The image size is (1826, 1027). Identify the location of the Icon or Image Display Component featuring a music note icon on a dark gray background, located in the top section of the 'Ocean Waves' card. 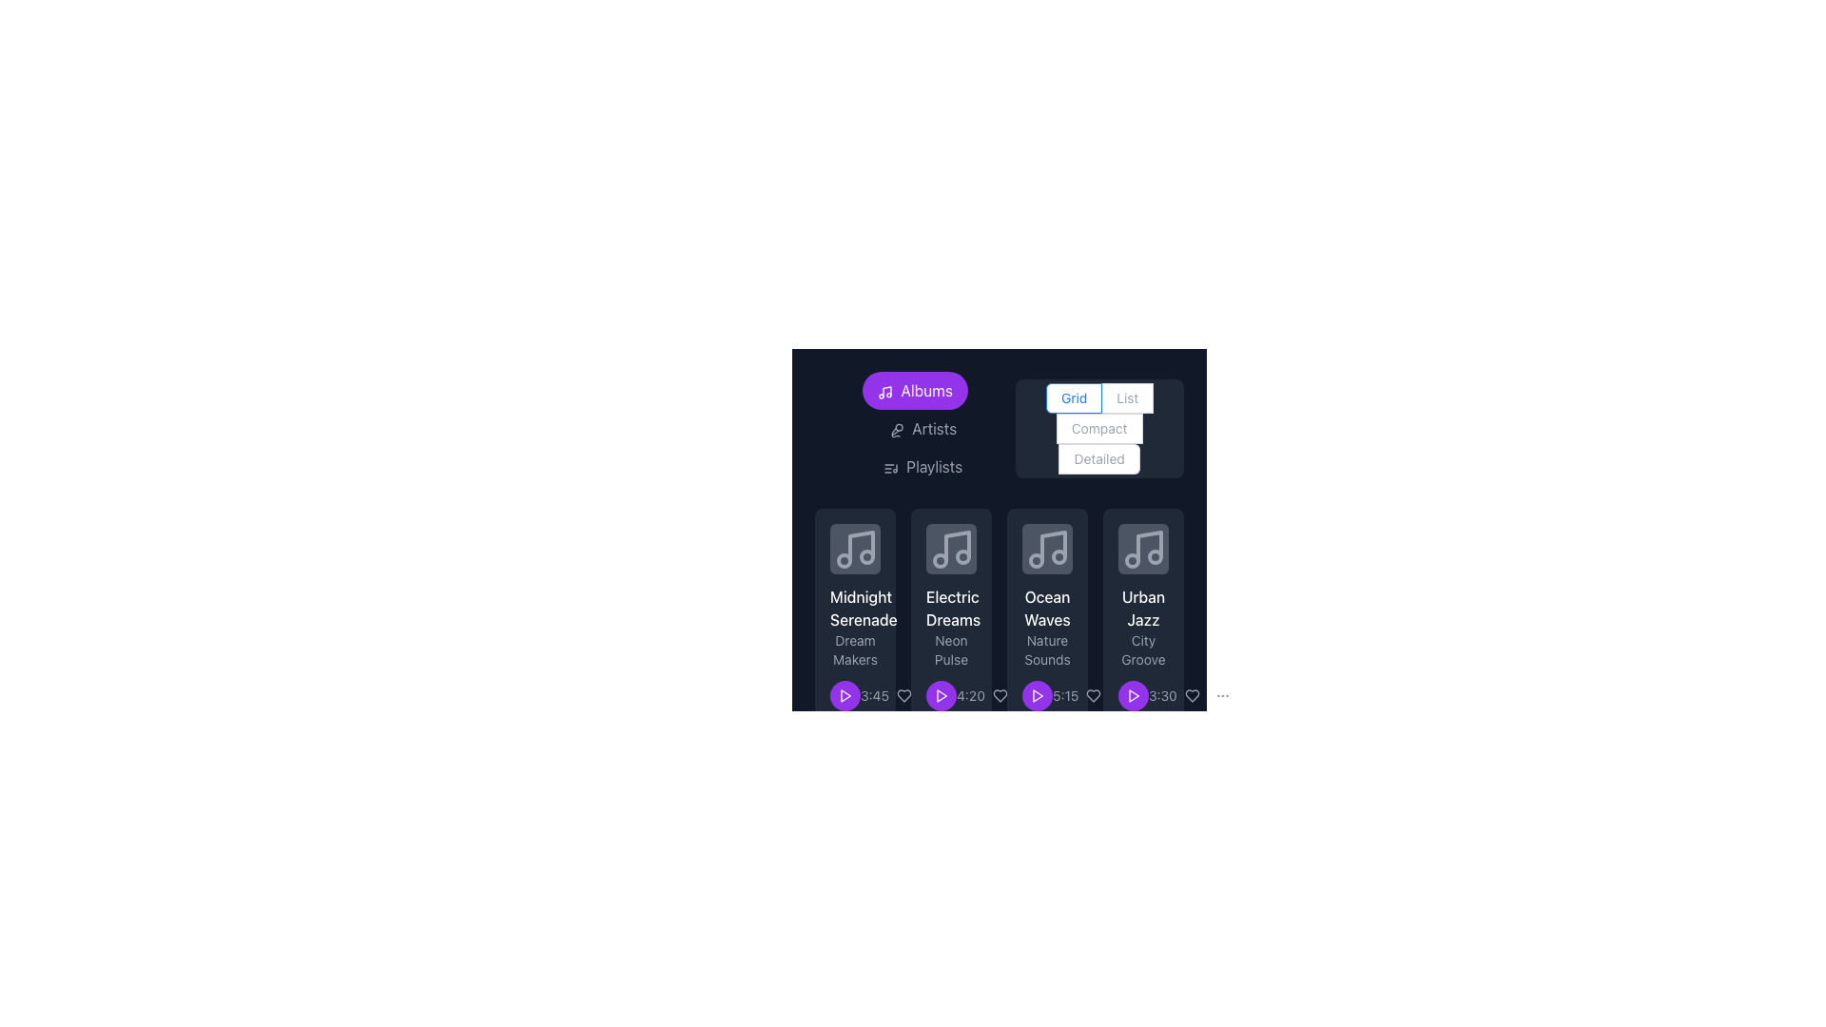
(1046, 549).